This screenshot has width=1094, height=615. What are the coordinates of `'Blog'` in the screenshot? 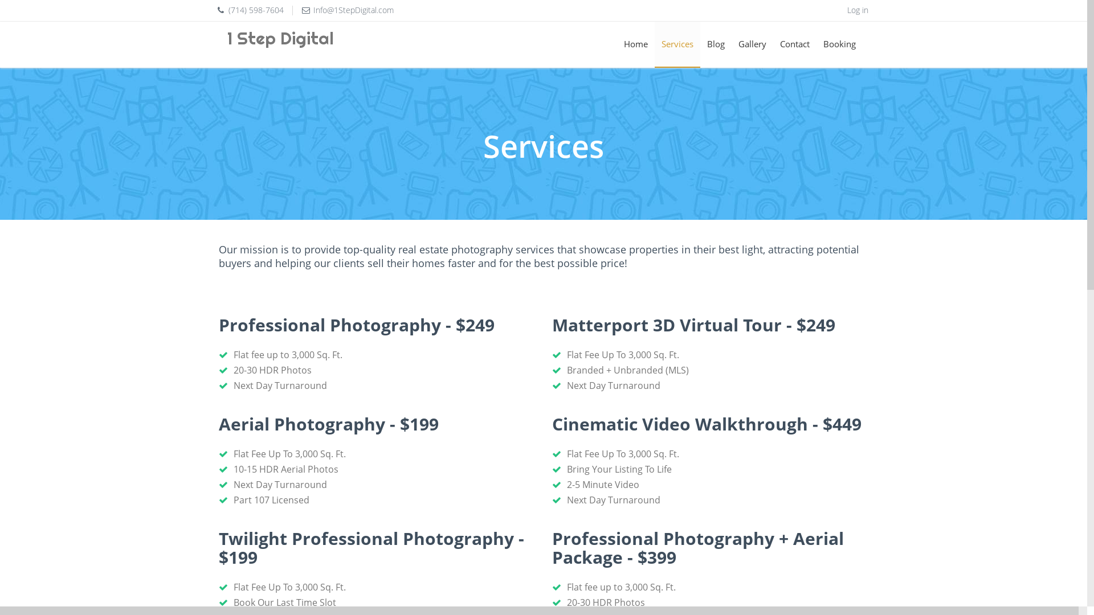 It's located at (699, 43).